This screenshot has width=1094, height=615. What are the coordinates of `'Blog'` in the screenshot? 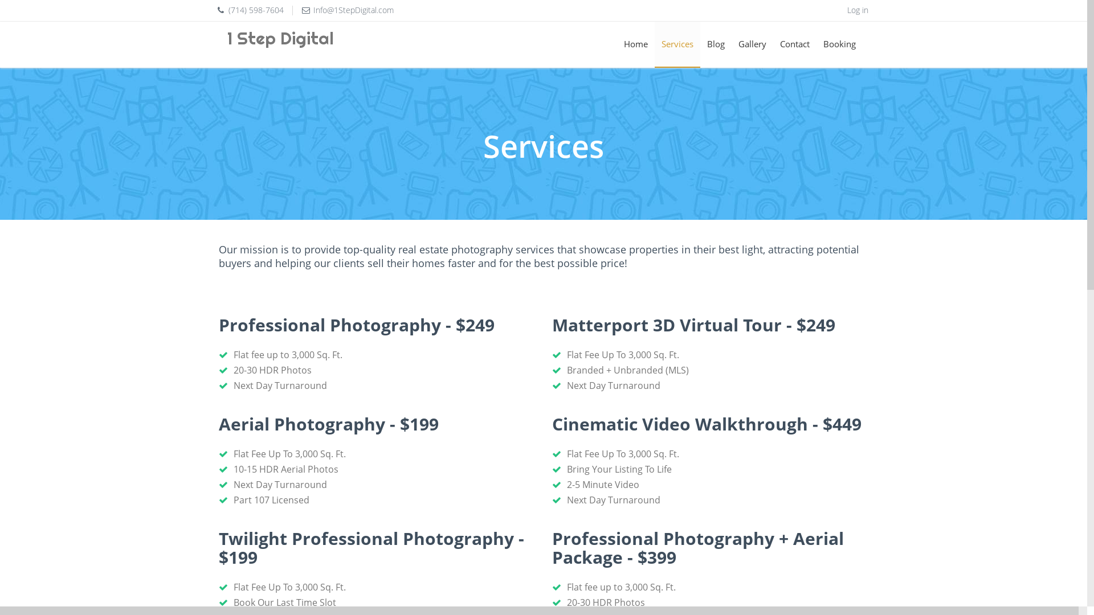 It's located at (699, 43).